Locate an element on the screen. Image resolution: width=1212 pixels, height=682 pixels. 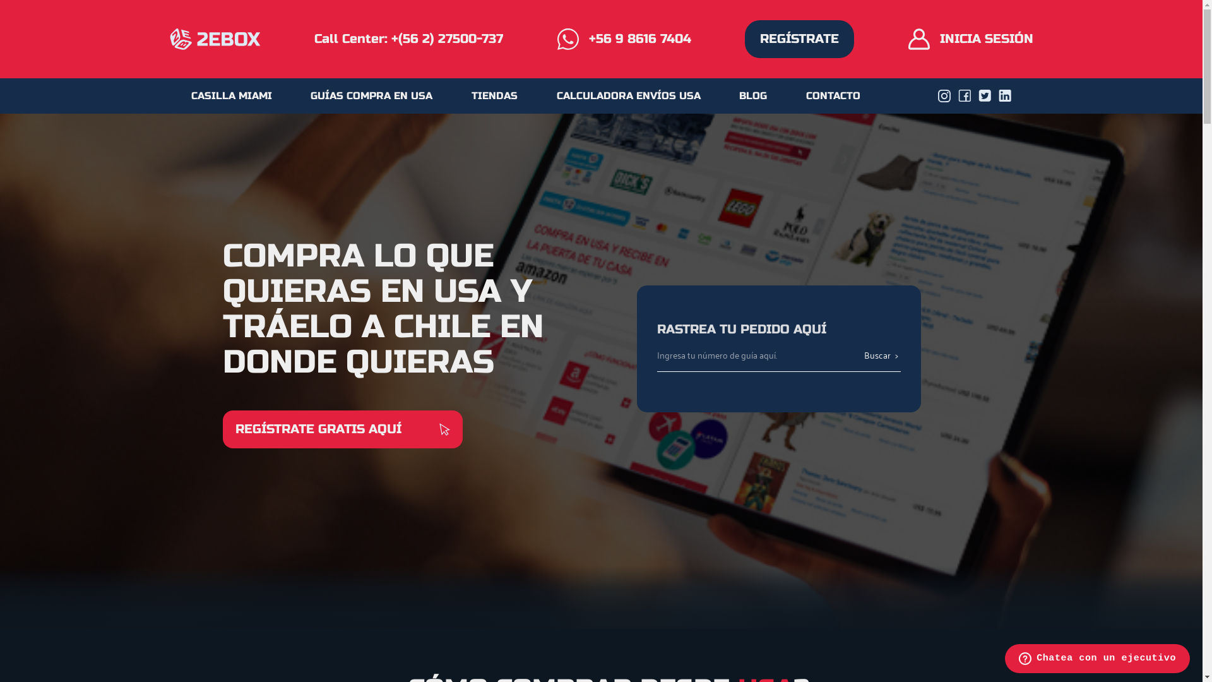
'TIENDAS' is located at coordinates (494, 95).